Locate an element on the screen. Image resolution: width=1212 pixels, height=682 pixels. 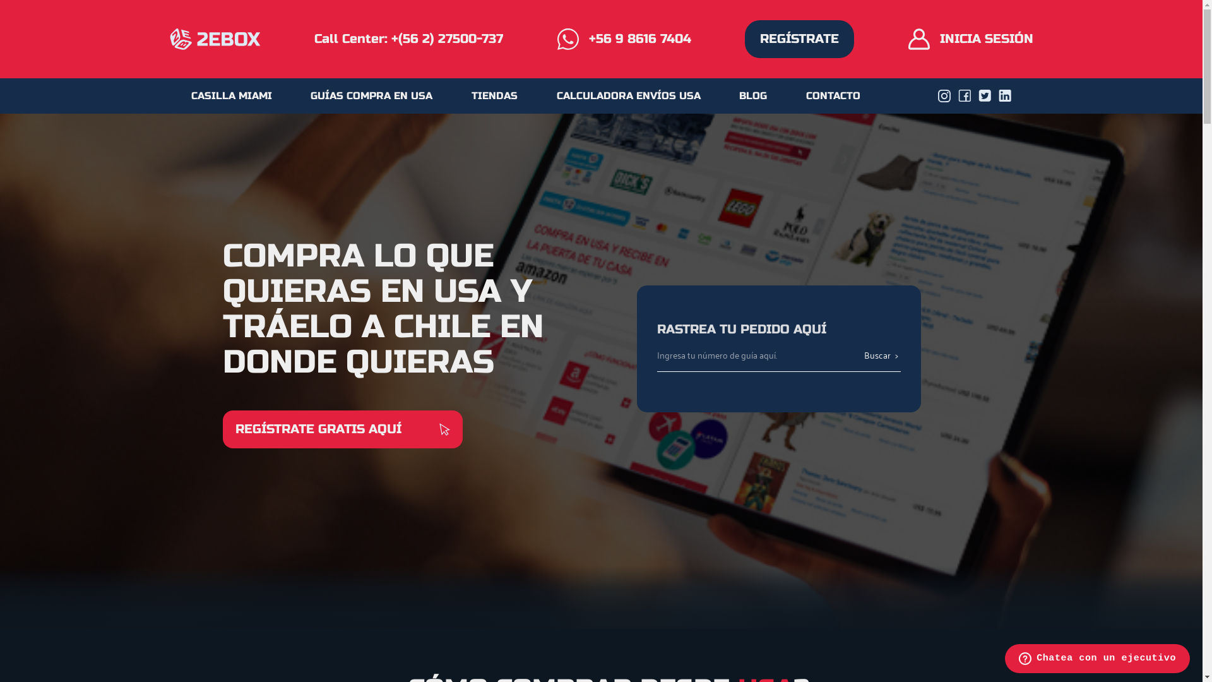
'TIENDAS' is located at coordinates (494, 95).